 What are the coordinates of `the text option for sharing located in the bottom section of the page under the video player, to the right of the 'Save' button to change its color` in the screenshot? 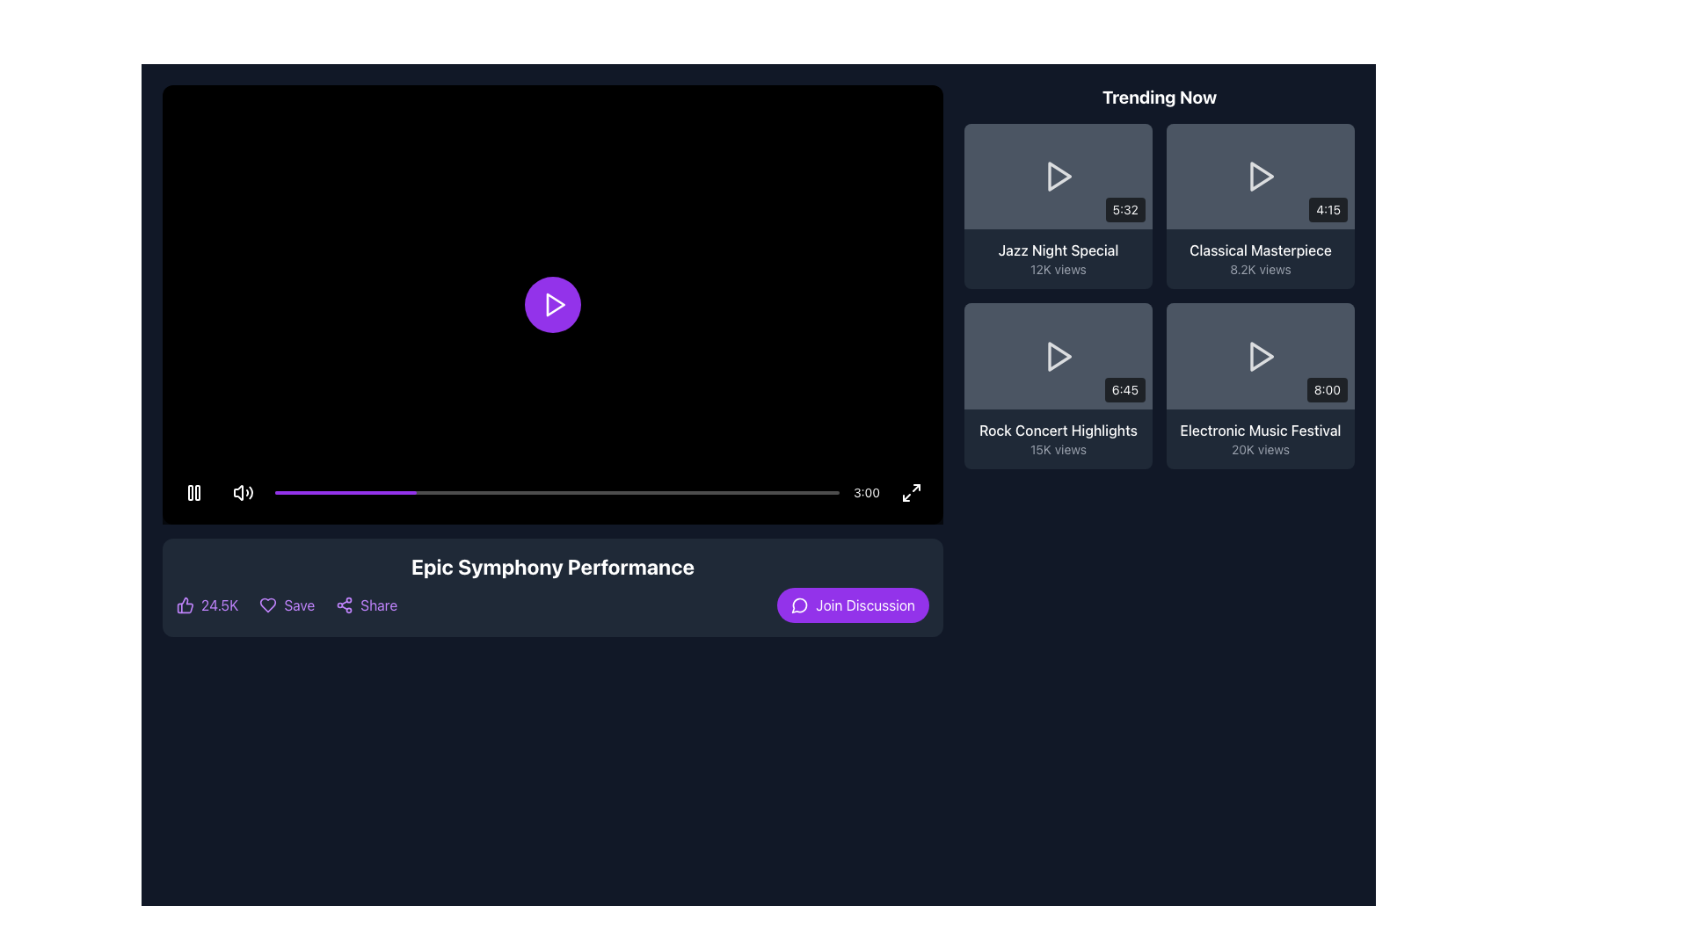 It's located at (378, 604).